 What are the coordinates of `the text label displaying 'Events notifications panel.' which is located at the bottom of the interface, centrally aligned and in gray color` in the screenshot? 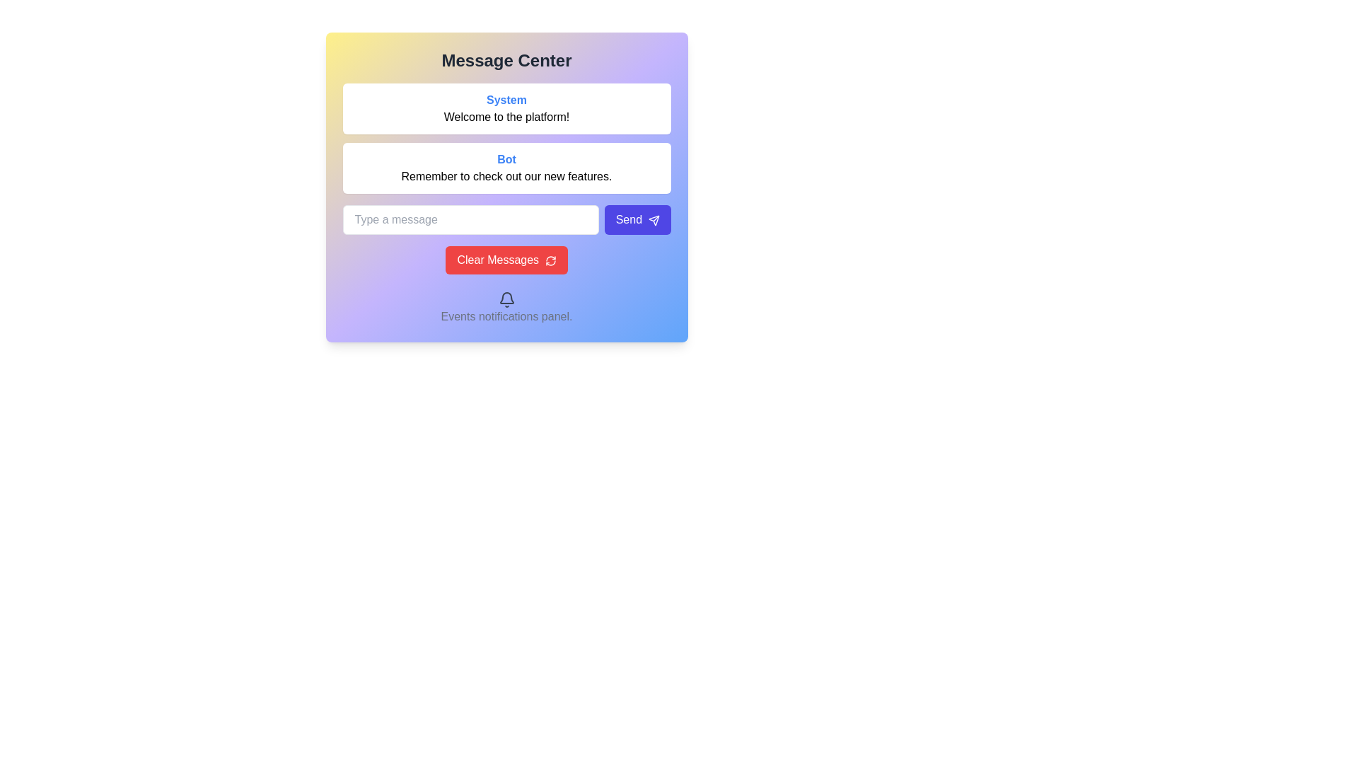 It's located at (506, 316).